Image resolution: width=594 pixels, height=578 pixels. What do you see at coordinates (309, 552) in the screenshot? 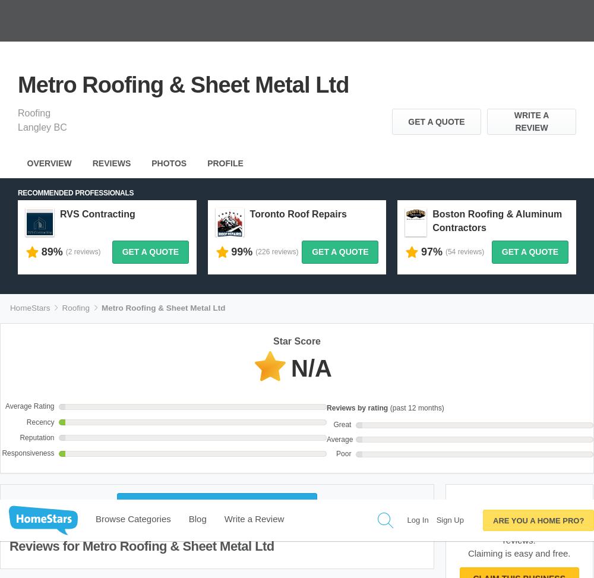
I see `'Terms of Use'` at bounding box center [309, 552].